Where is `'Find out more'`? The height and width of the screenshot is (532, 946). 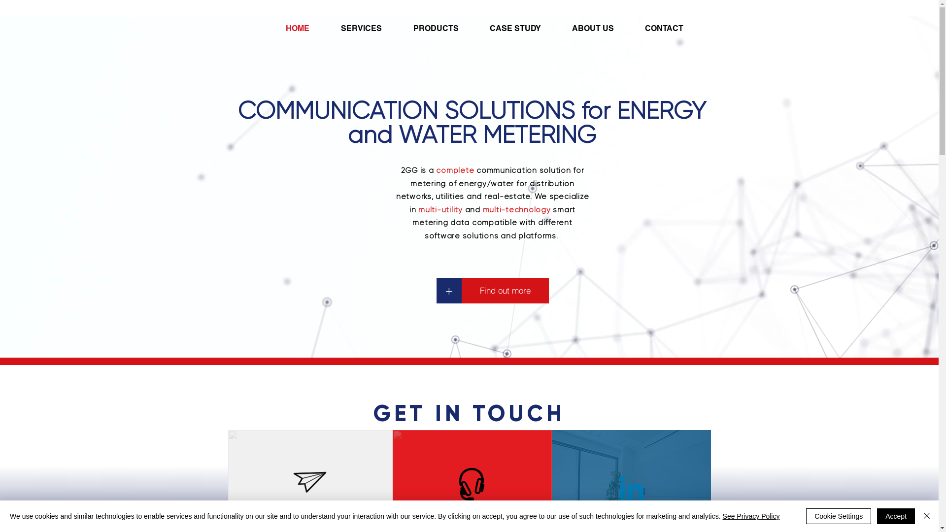
'Find out more' is located at coordinates (505, 290).